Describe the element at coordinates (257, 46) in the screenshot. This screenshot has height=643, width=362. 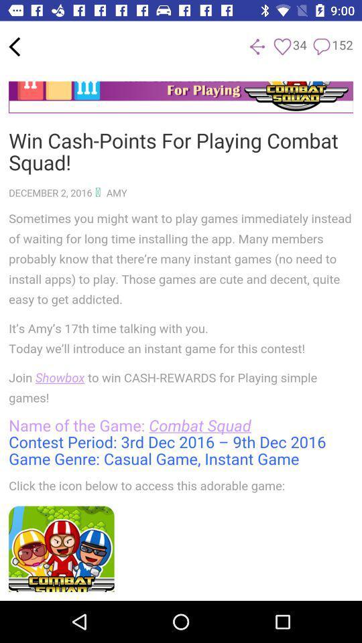
I see `previous` at that location.